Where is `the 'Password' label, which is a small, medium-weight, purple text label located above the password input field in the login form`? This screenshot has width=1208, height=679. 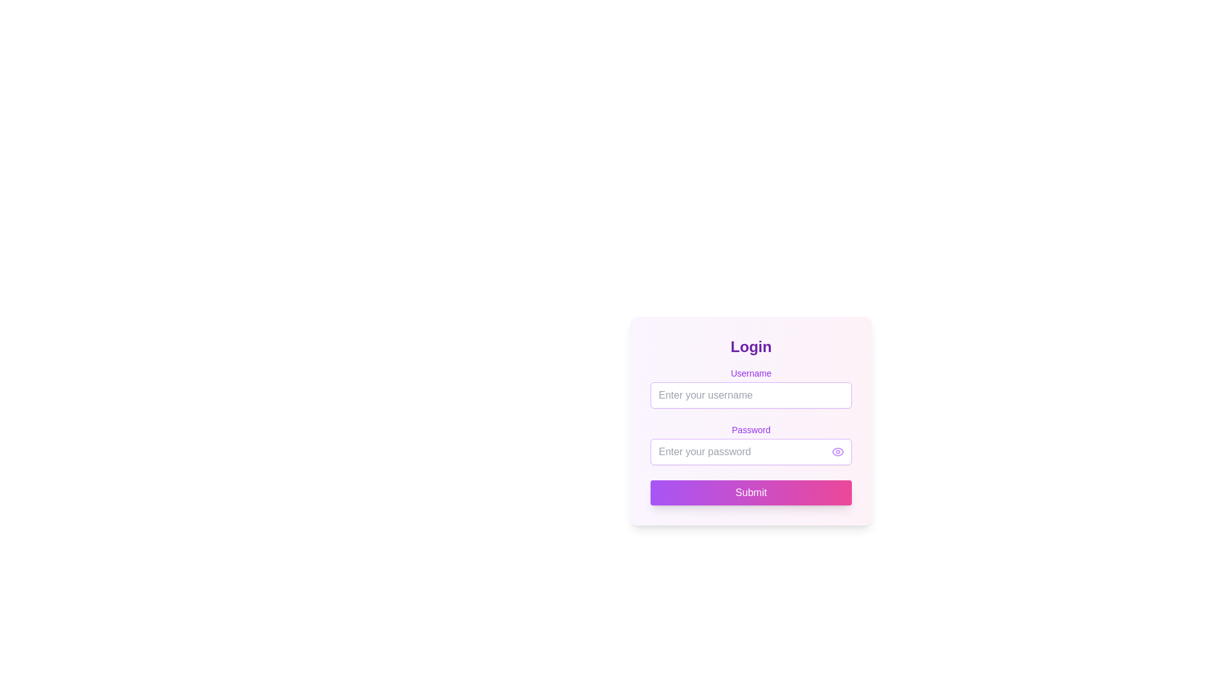
the 'Password' label, which is a small, medium-weight, purple text label located above the password input field in the login form is located at coordinates (751, 429).